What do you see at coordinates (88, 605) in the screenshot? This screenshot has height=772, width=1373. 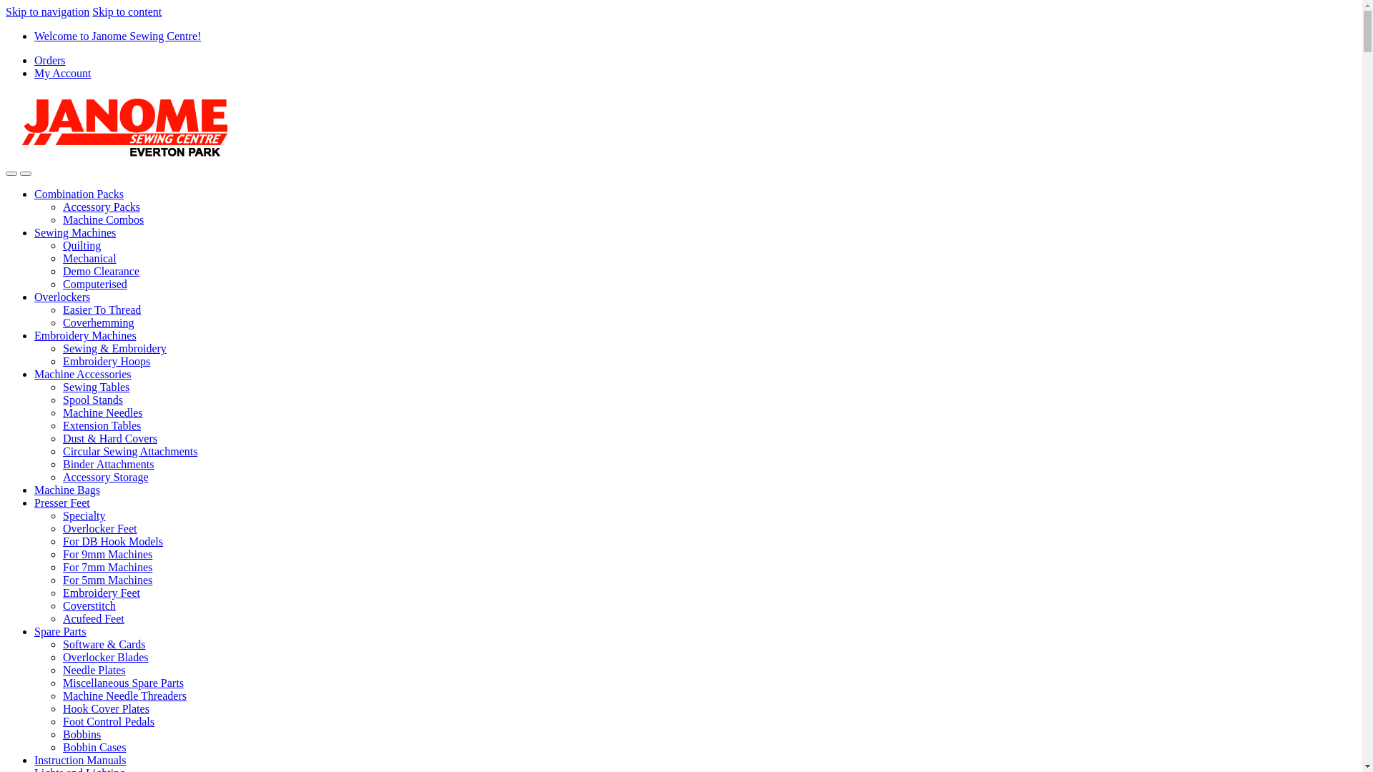 I see `'Coverstitch'` at bounding box center [88, 605].